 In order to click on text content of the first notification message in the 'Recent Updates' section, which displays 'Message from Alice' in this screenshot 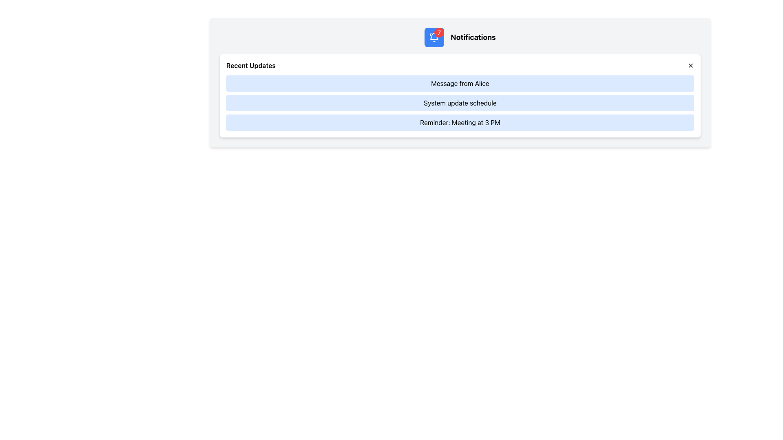, I will do `click(460, 83)`.